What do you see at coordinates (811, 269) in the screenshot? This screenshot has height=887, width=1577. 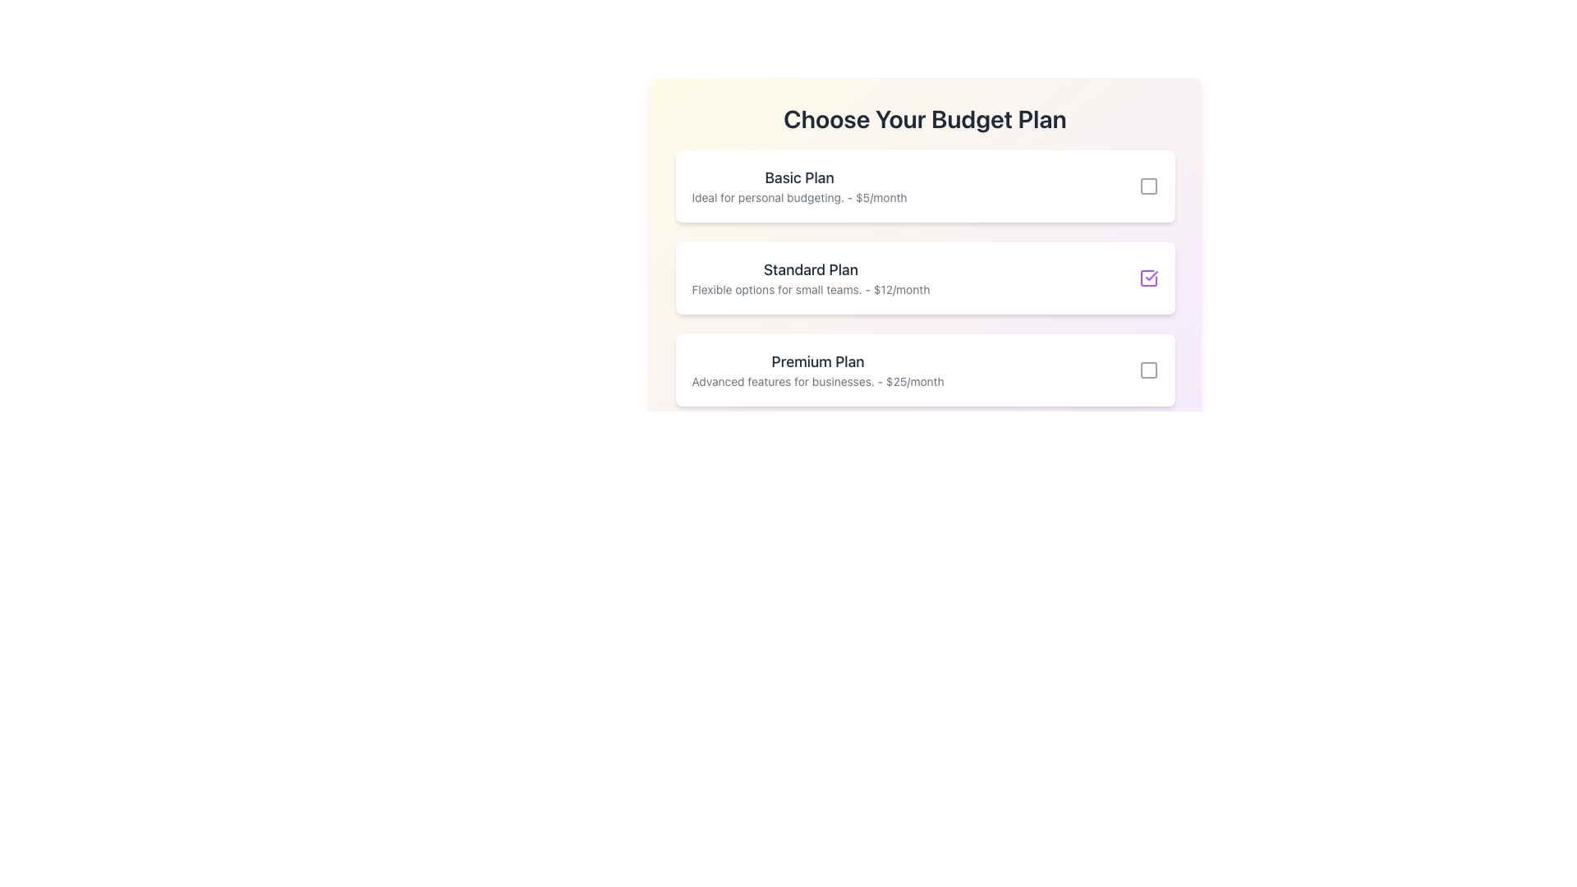 I see `title of the text label displaying 'Standard Plan', which is in bold and larger than surrounding text, located within the white card titled 'Standard Plan Flexible options for small teams. - $12/month'` at bounding box center [811, 269].